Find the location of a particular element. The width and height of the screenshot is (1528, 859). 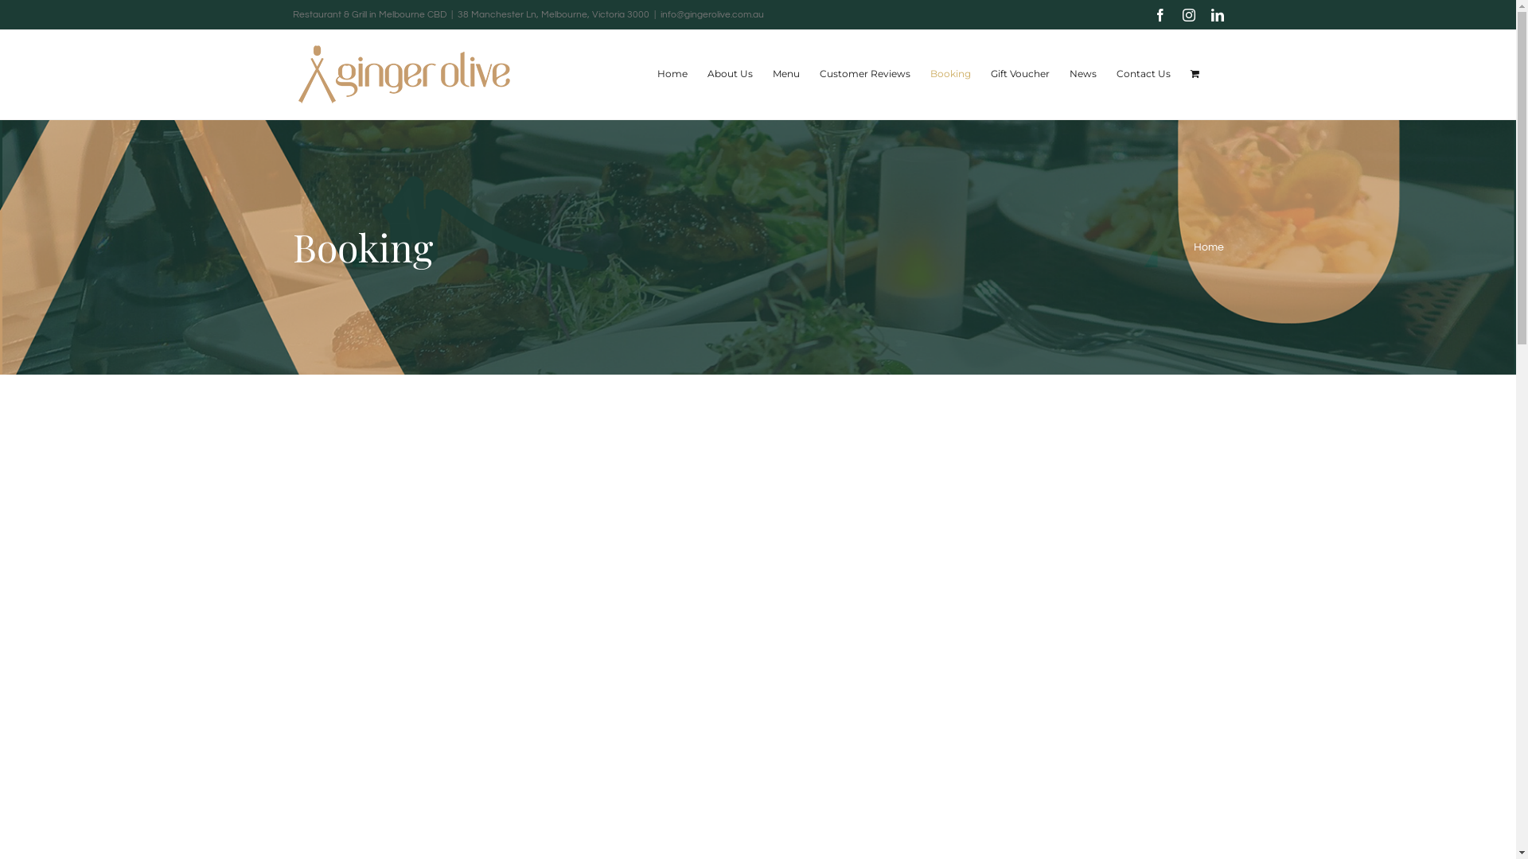

'Instagram' is located at coordinates (1188, 15).